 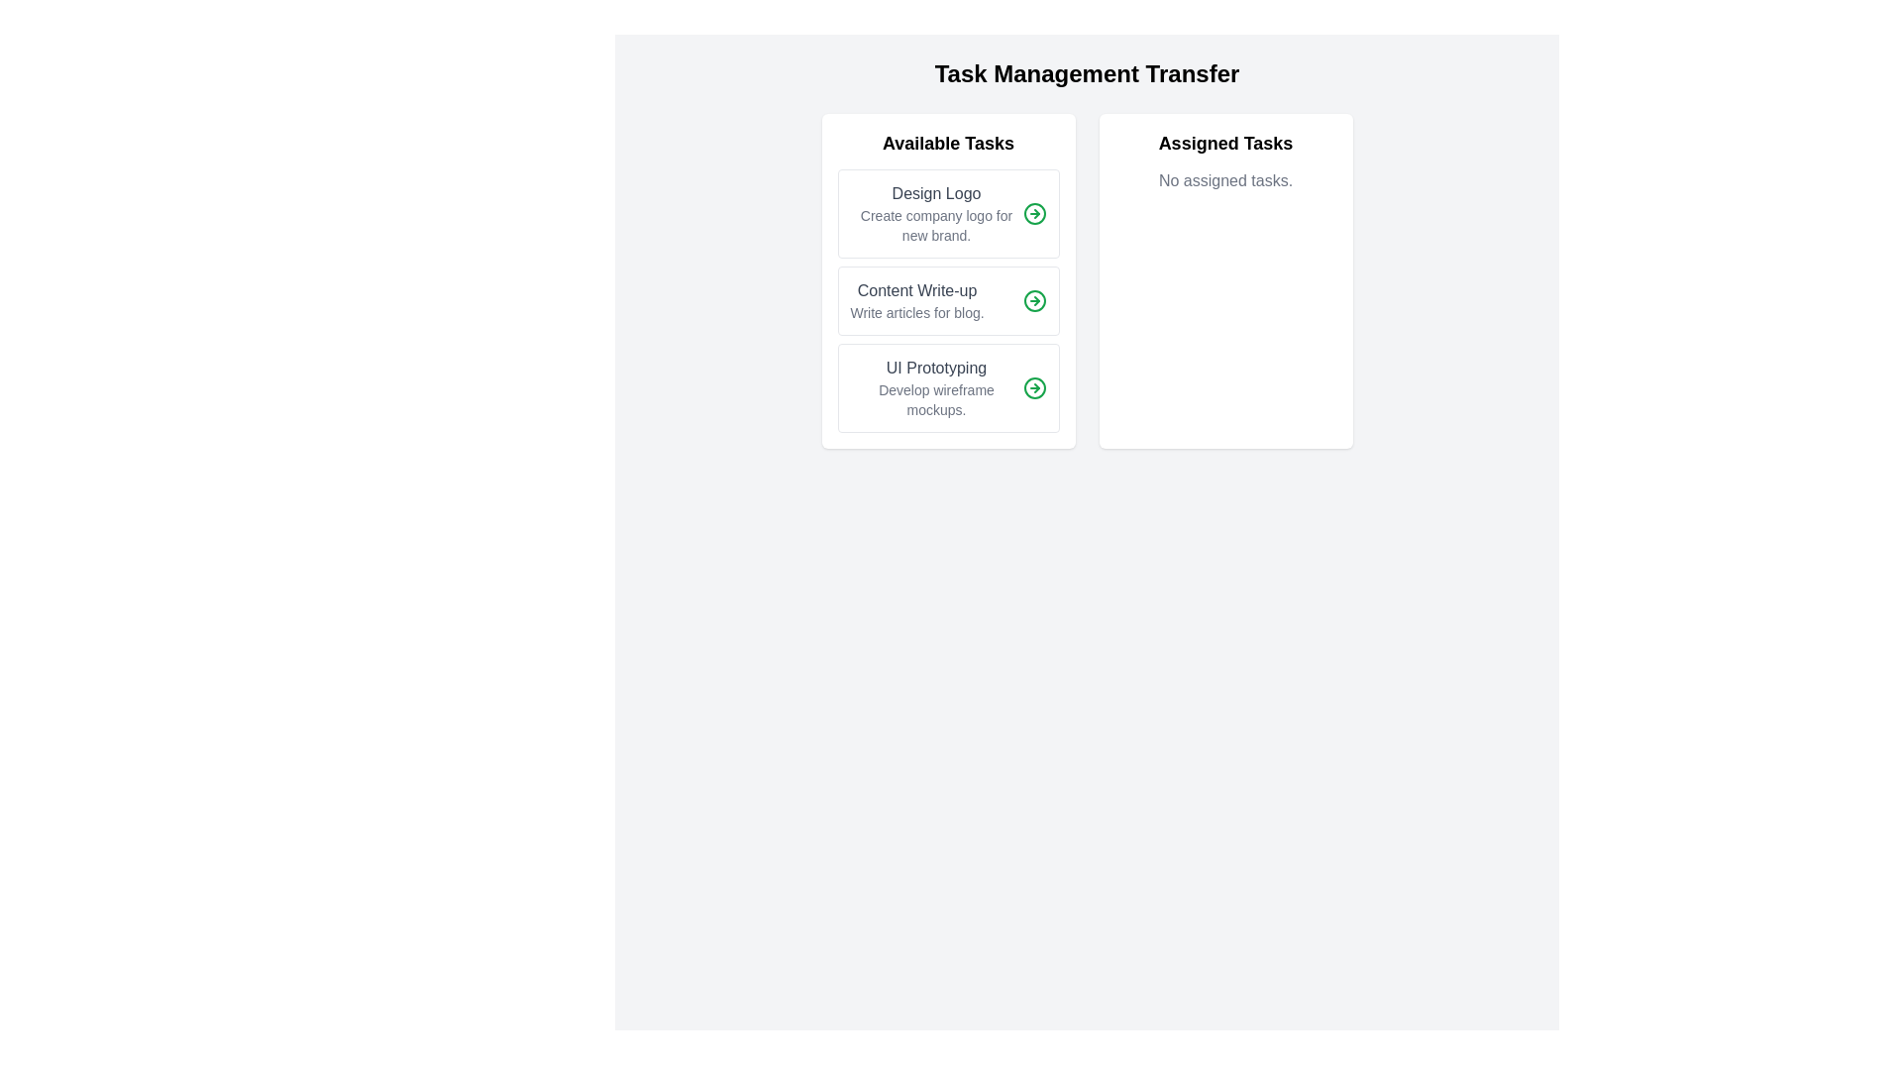 What do you see at coordinates (1033, 301) in the screenshot?
I see `the green circular icon with a right-pointing arrow located next to the 'Content Write-up' task in the 'Available Tasks' column to initiate the task transfer` at bounding box center [1033, 301].